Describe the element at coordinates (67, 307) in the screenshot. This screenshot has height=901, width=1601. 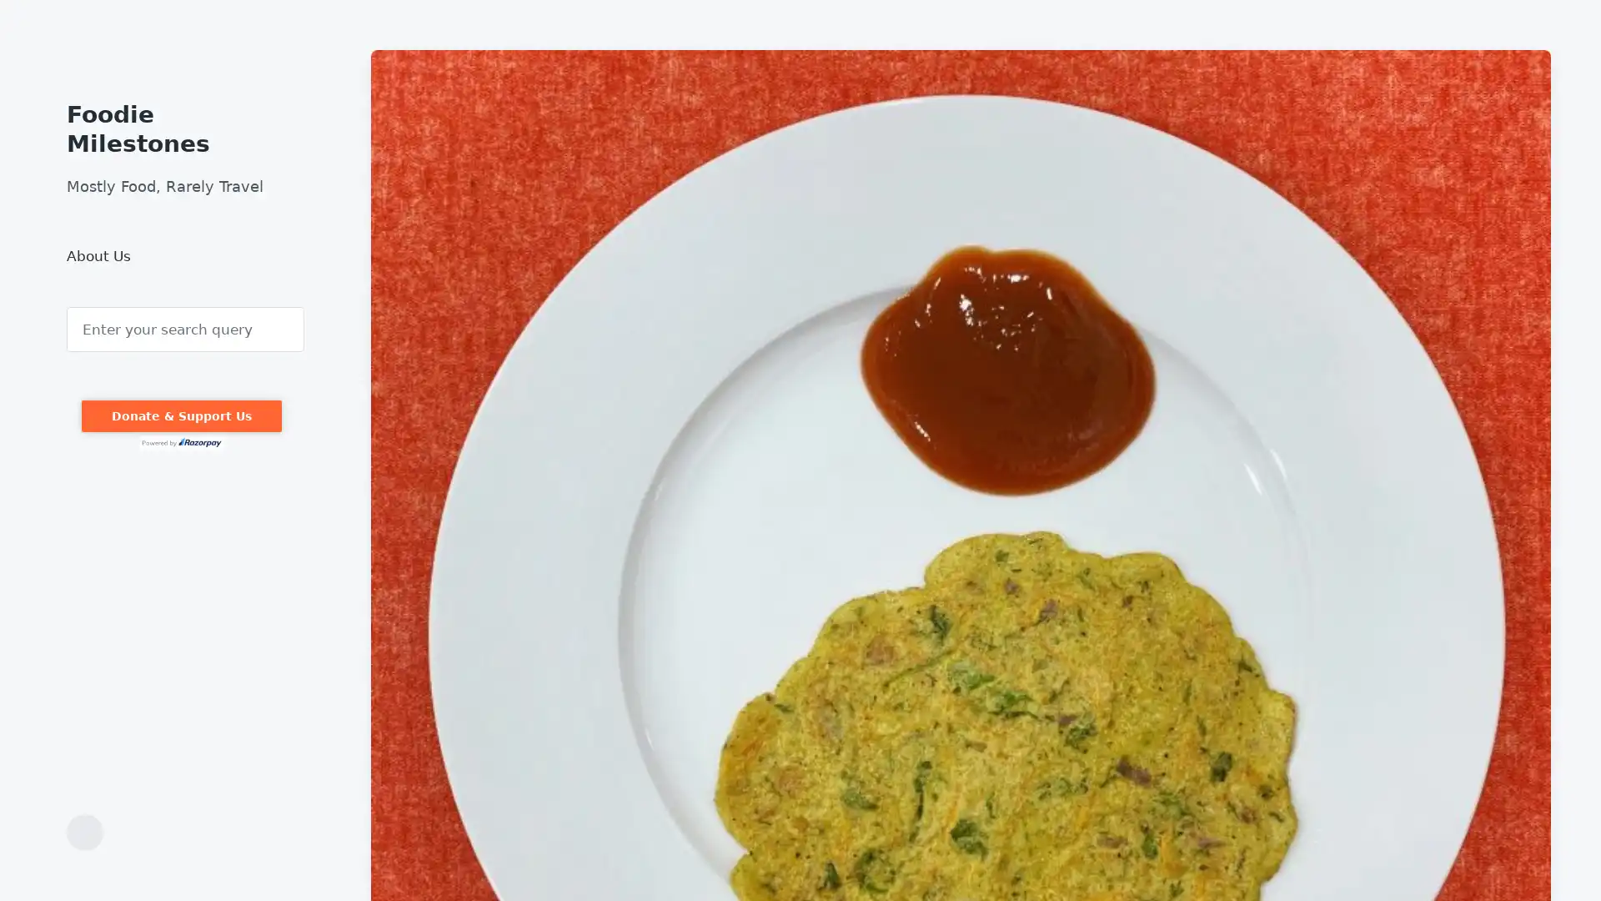
I see `Search` at that location.